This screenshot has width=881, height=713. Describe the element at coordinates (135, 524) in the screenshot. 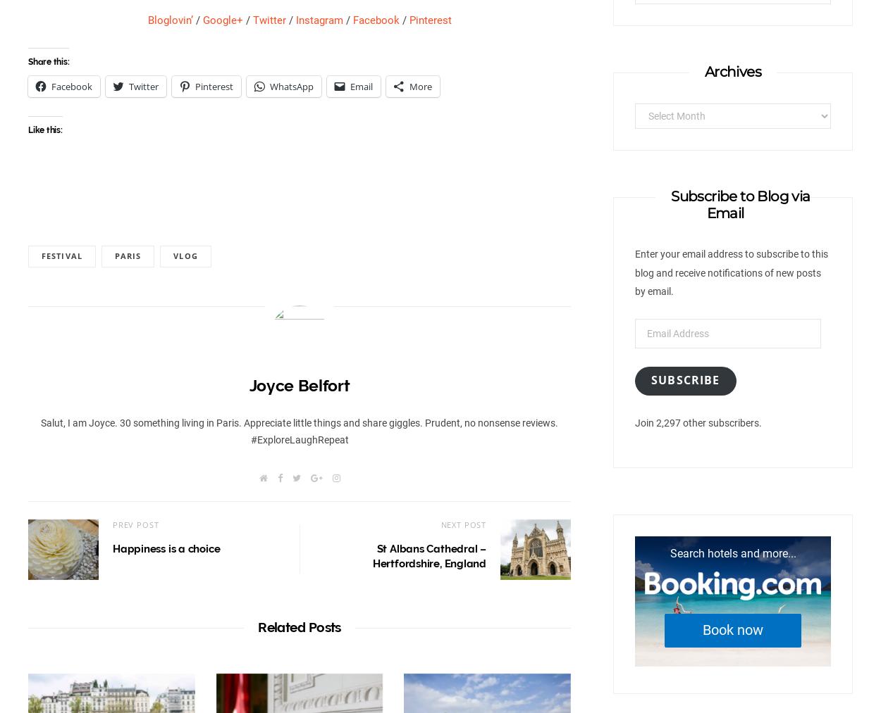

I see `'Prev Post'` at that location.